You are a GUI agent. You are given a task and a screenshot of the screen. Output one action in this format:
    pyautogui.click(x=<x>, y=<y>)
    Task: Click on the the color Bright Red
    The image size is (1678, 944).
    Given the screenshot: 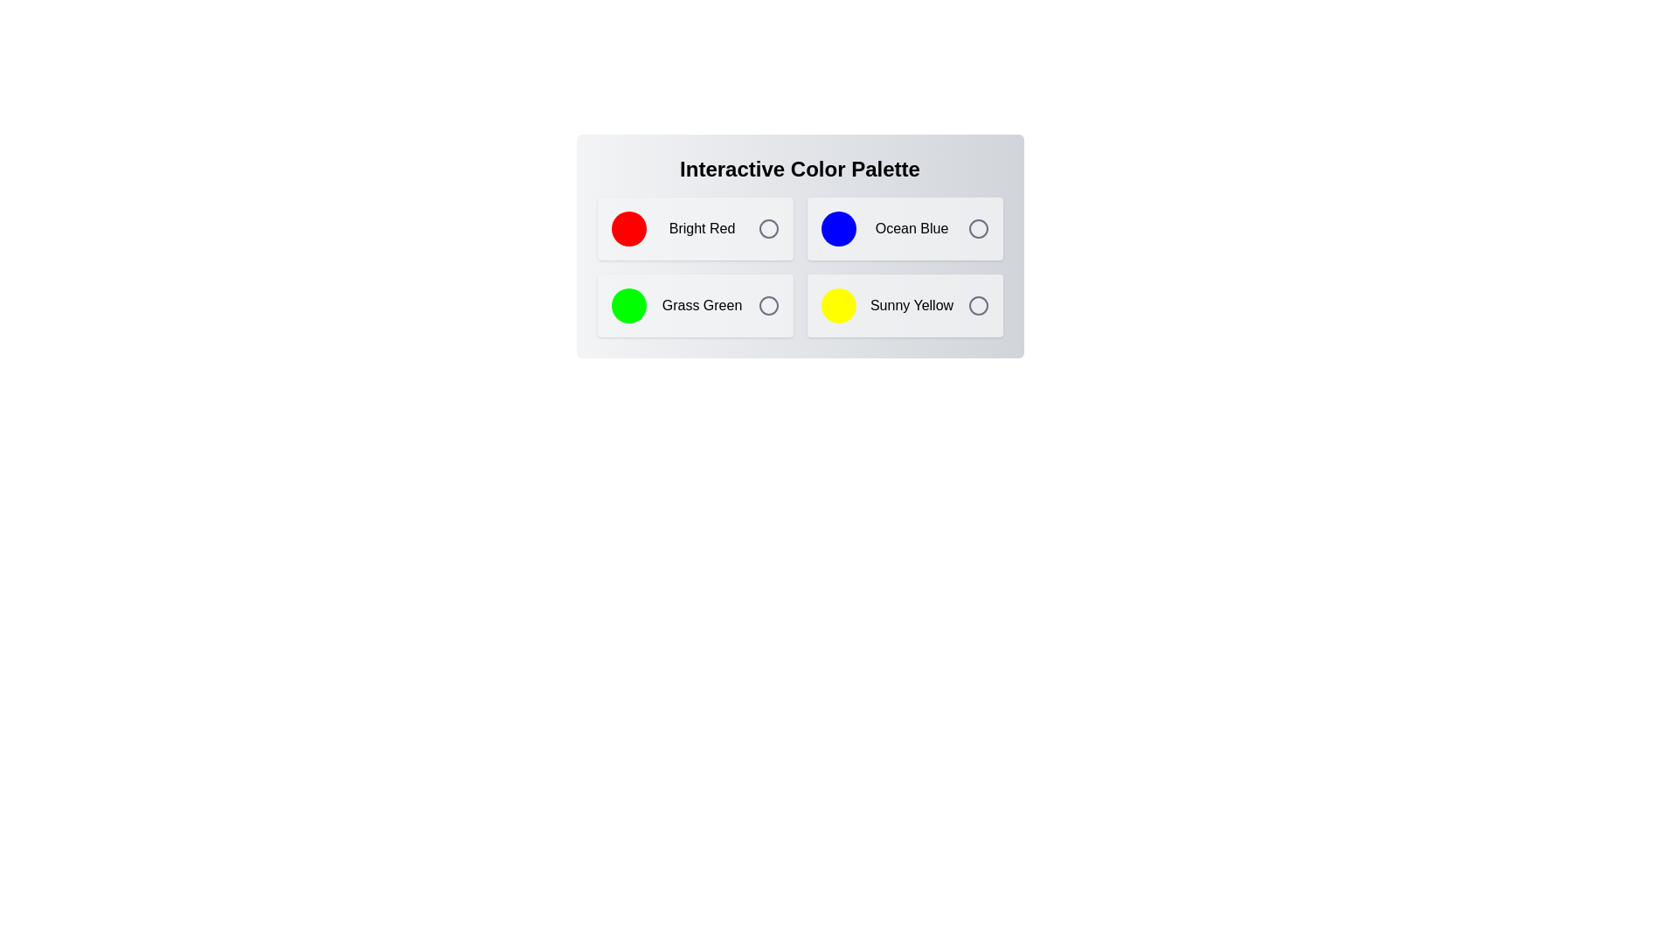 What is the action you would take?
    pyautogui.click(x=694, y=228)
    